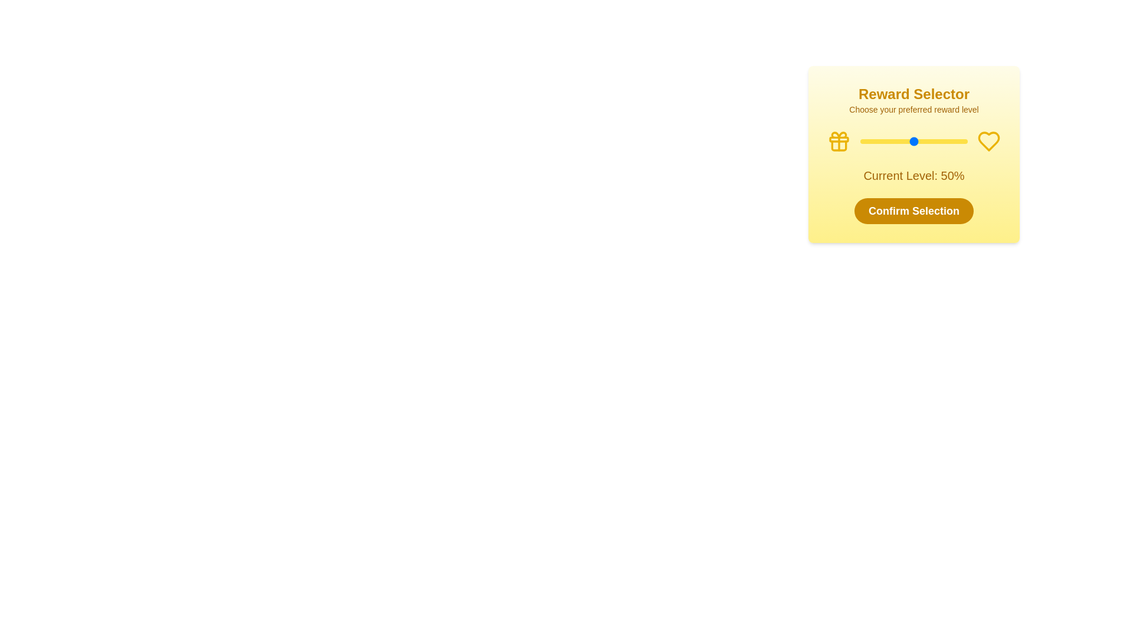  I want to click on the reward level, so click(876, 140).